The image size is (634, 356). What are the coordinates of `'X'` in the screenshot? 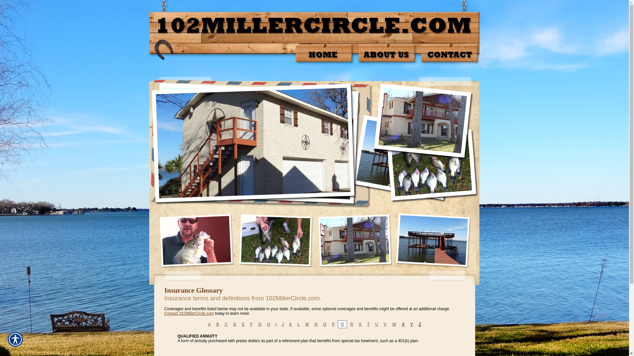 It's located at (402, 324).